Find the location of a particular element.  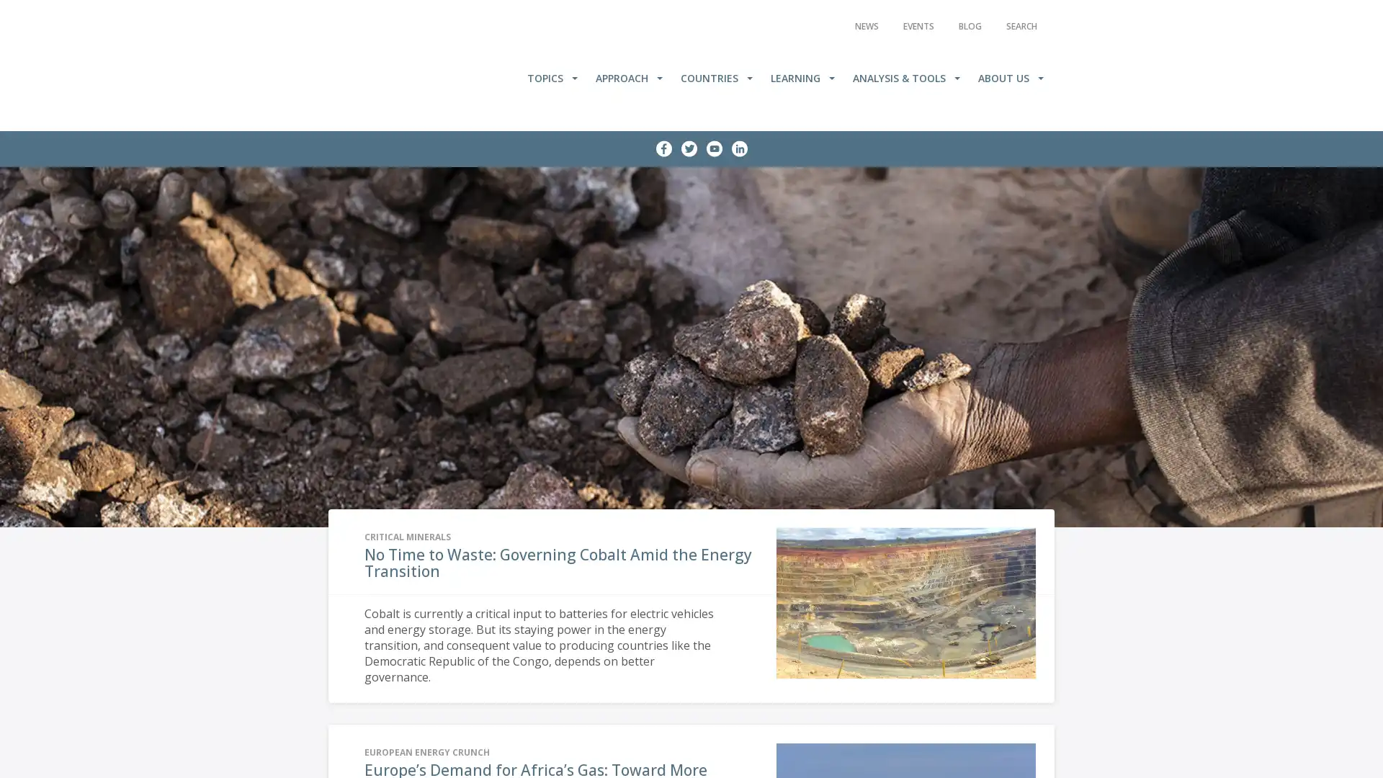

Search is located at coordinates (1248, 27).